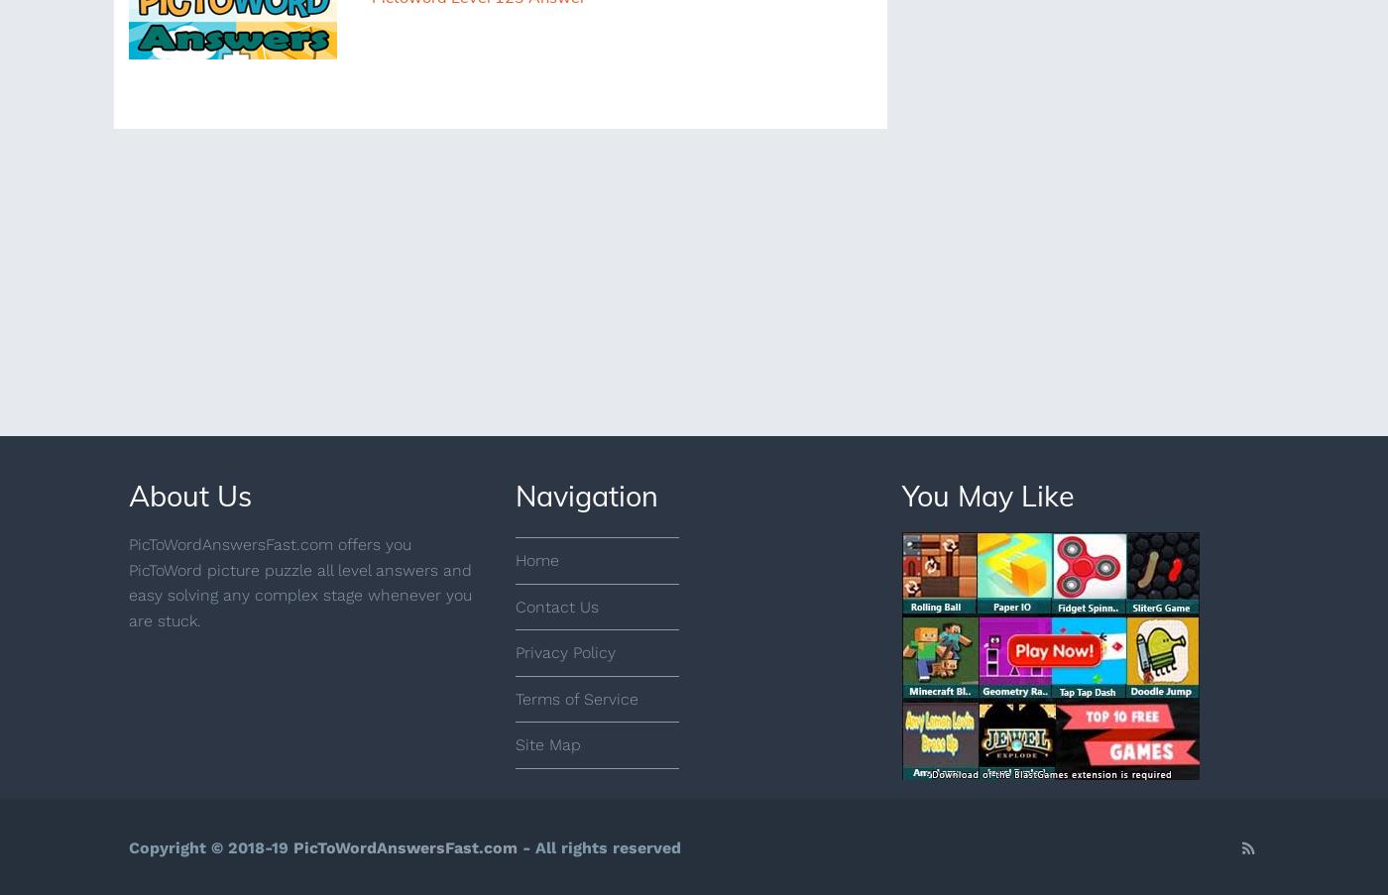 The height and width of the screenshot is (895, 1388). What do you see at coordinates (189, 495) in the screenshot?
I see `'About Us'` at bounding box center [189, 495].